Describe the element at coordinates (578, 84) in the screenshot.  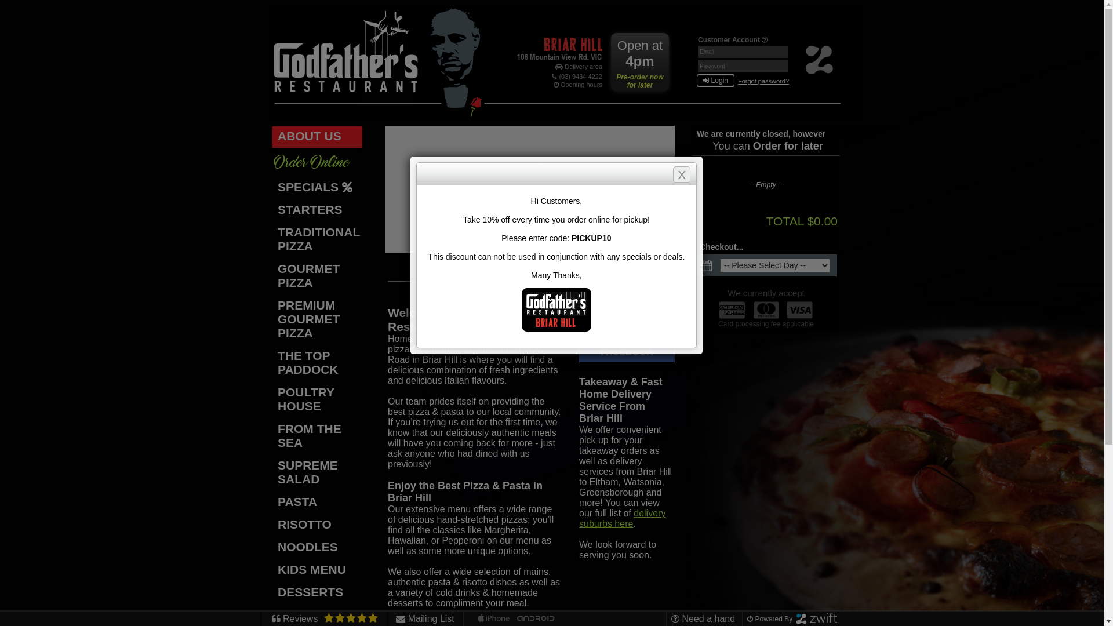
I see `'Opening hours'` at that location.